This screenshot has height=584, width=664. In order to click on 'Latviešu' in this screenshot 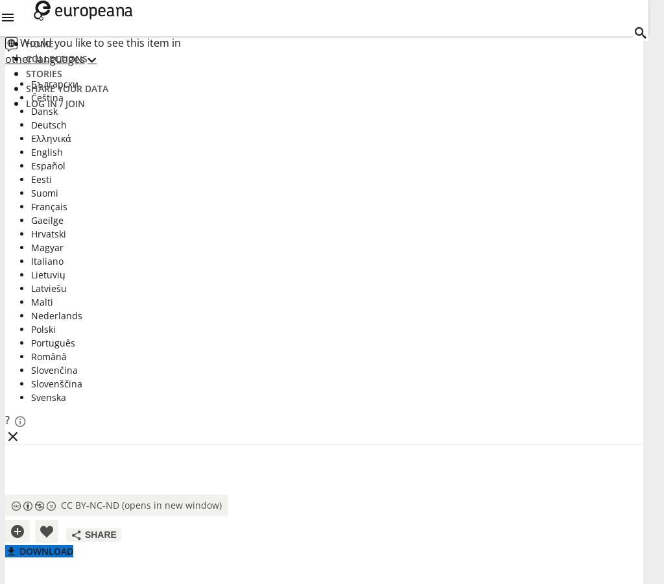, I will do `click(48, 288)`.